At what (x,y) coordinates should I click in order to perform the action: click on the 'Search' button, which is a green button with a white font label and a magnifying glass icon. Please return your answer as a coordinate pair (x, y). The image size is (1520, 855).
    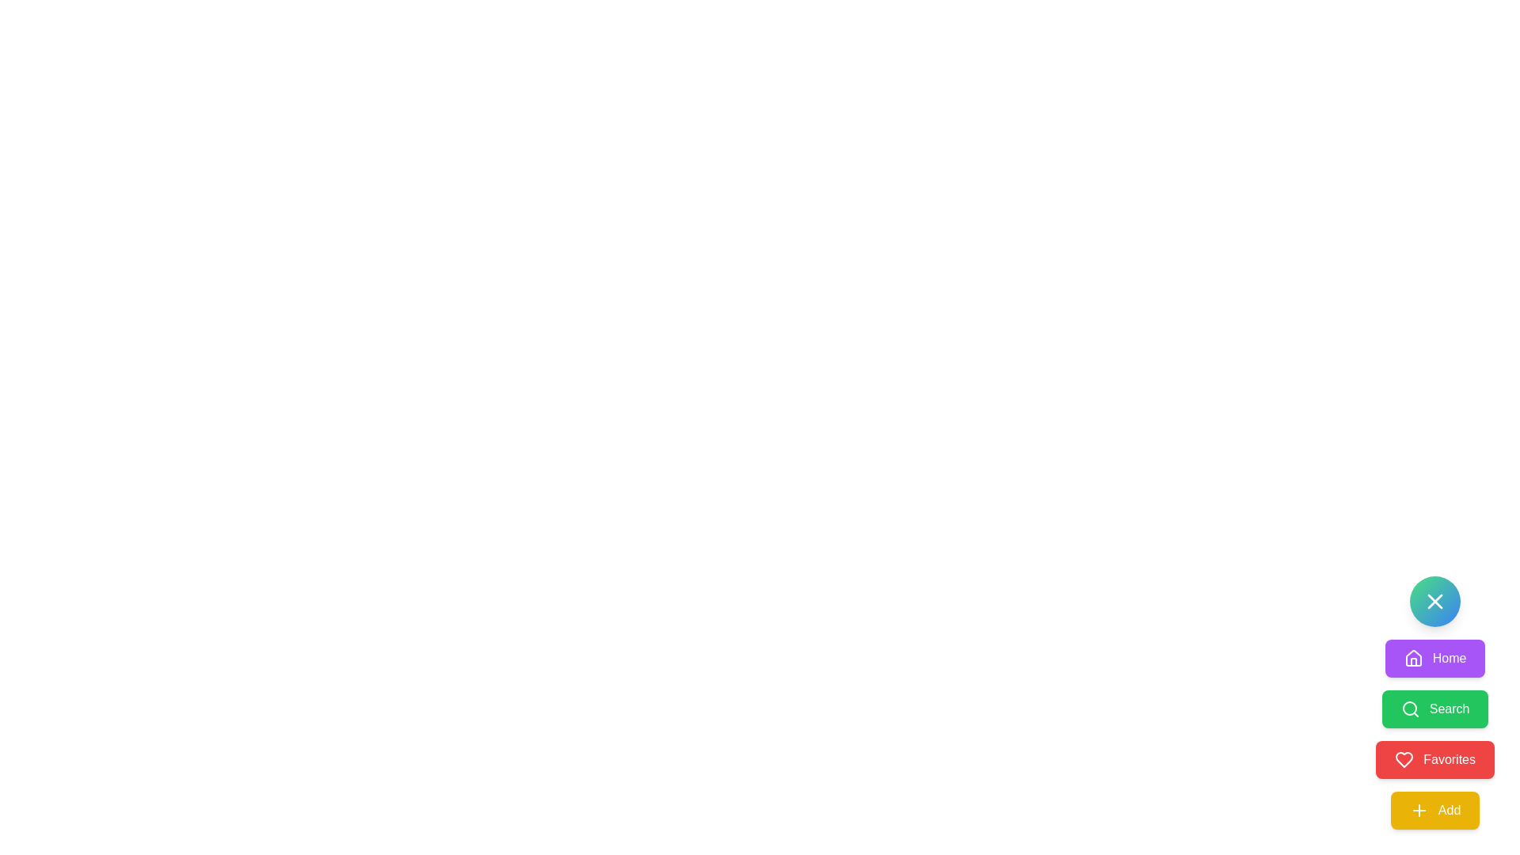
    Looking at the image, I should click on (1435, 701).